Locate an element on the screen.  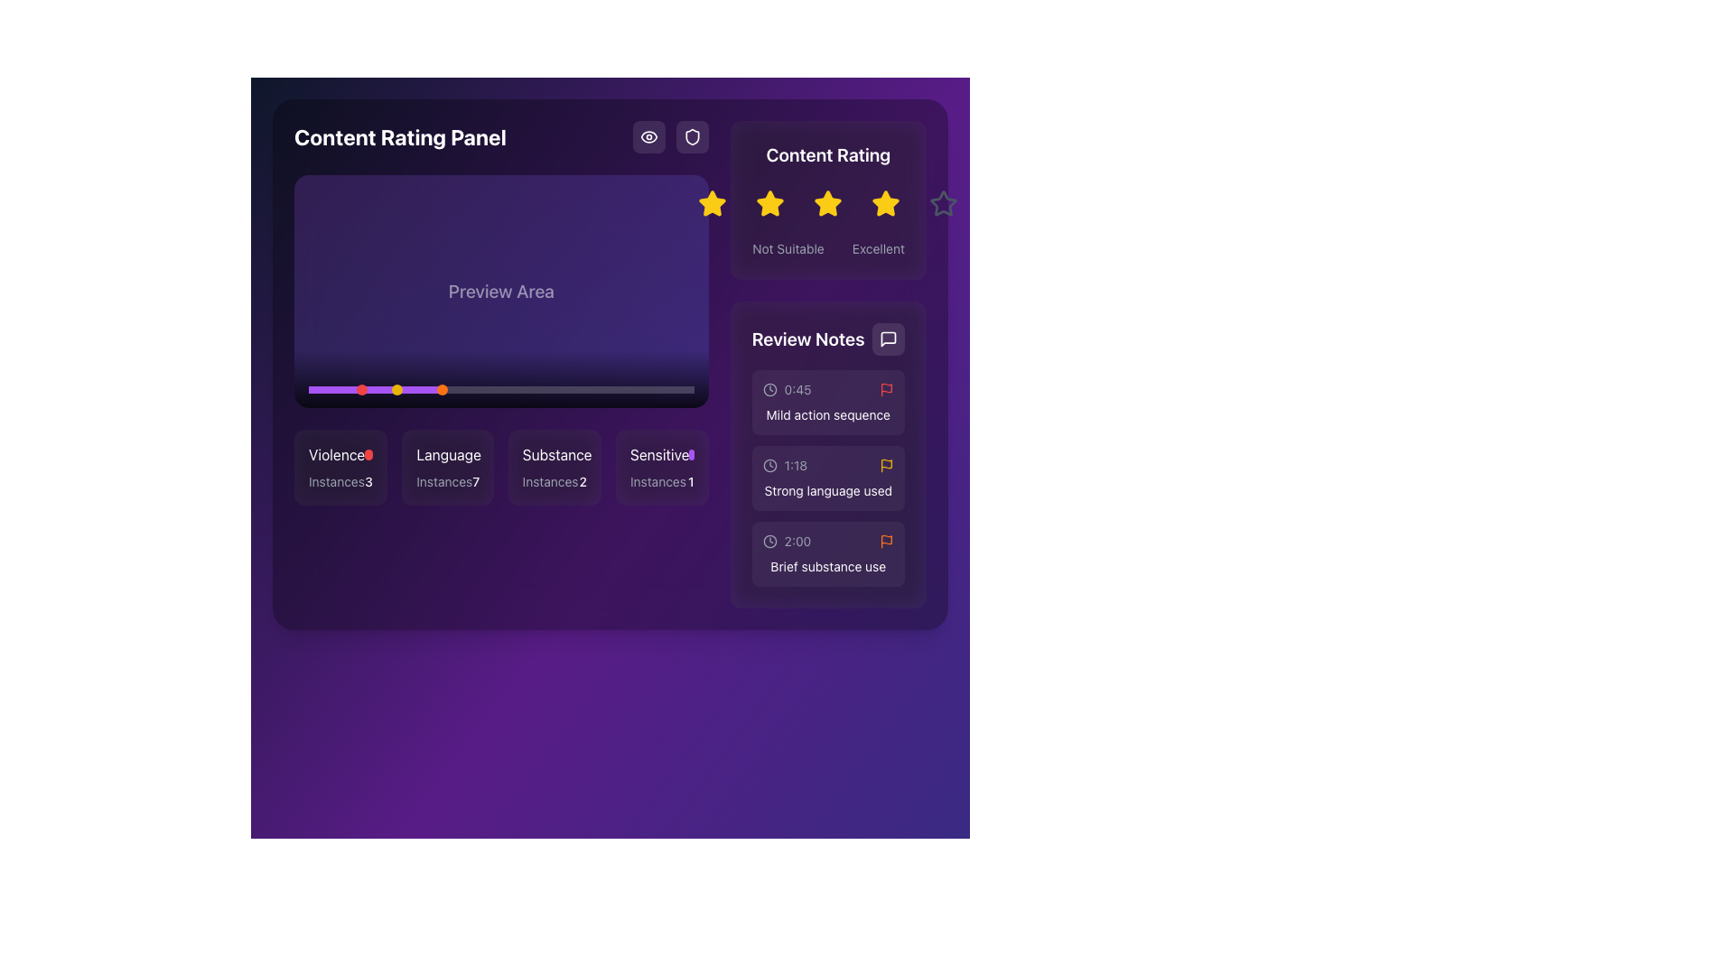
the text label that describes the associated numerical data '3', located beneath the label 'Violence' on the left side of the content area is located at coordinates (337, 480).